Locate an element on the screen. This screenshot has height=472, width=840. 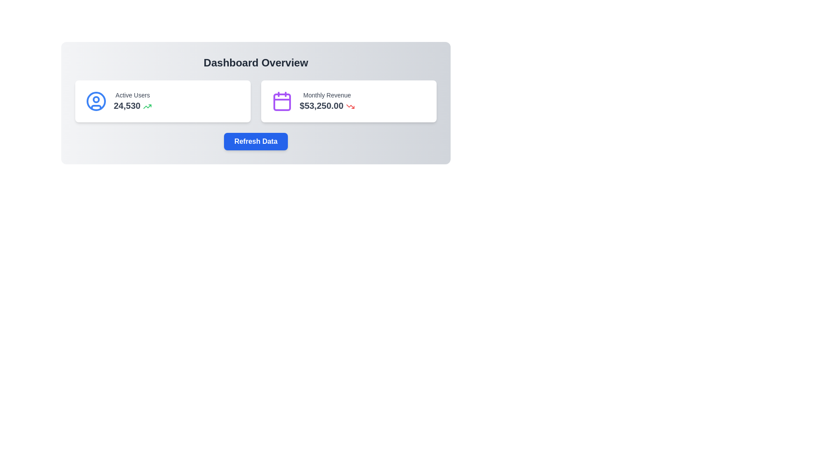
the small green upward trending arrow icon located to the right of the numeric text '24,530' in the 'Active Users' card on the dashboard is located at coordinates (147, 106).